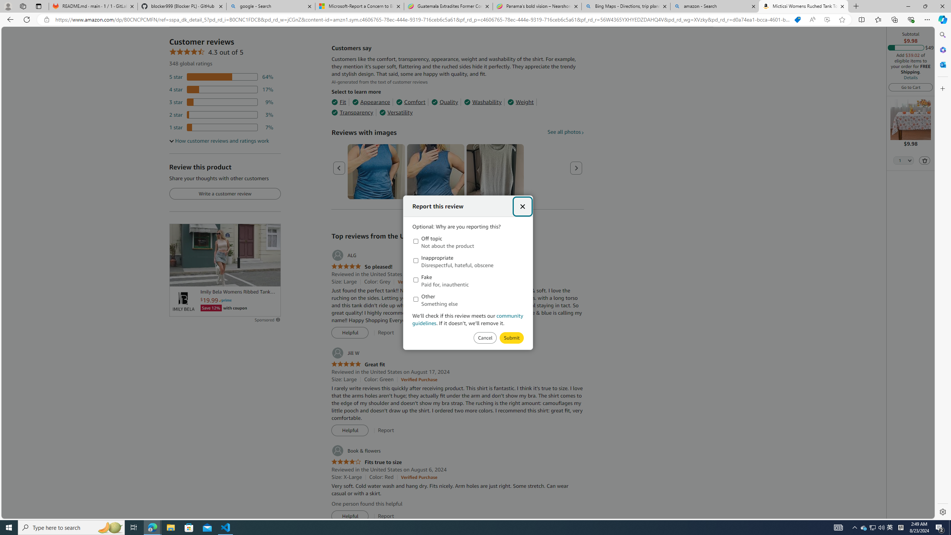 This screenshot has height=535, width=951. What do you see at coordinates (468, 319) in the screenshot?
I see `'community guidelines'` at bounding box center [468, 319].